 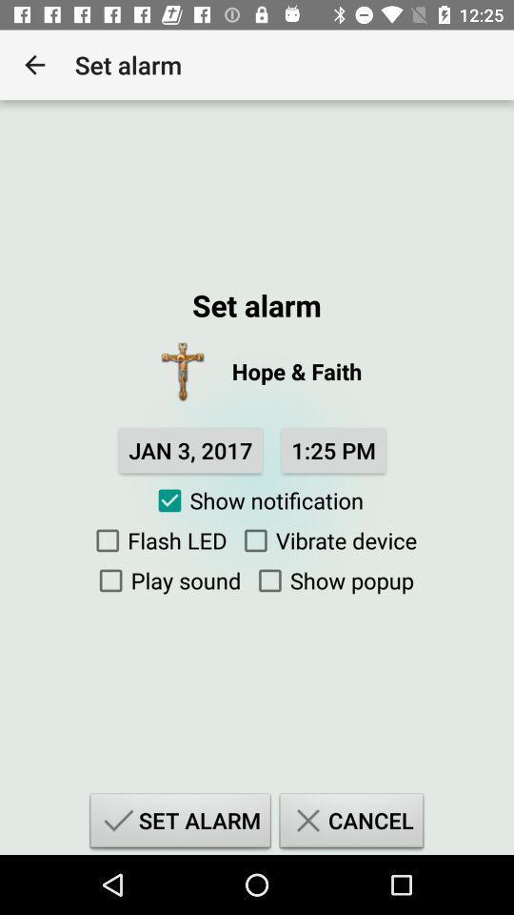 I want to click on the vibrate device icon, so click(x=325, y=540).